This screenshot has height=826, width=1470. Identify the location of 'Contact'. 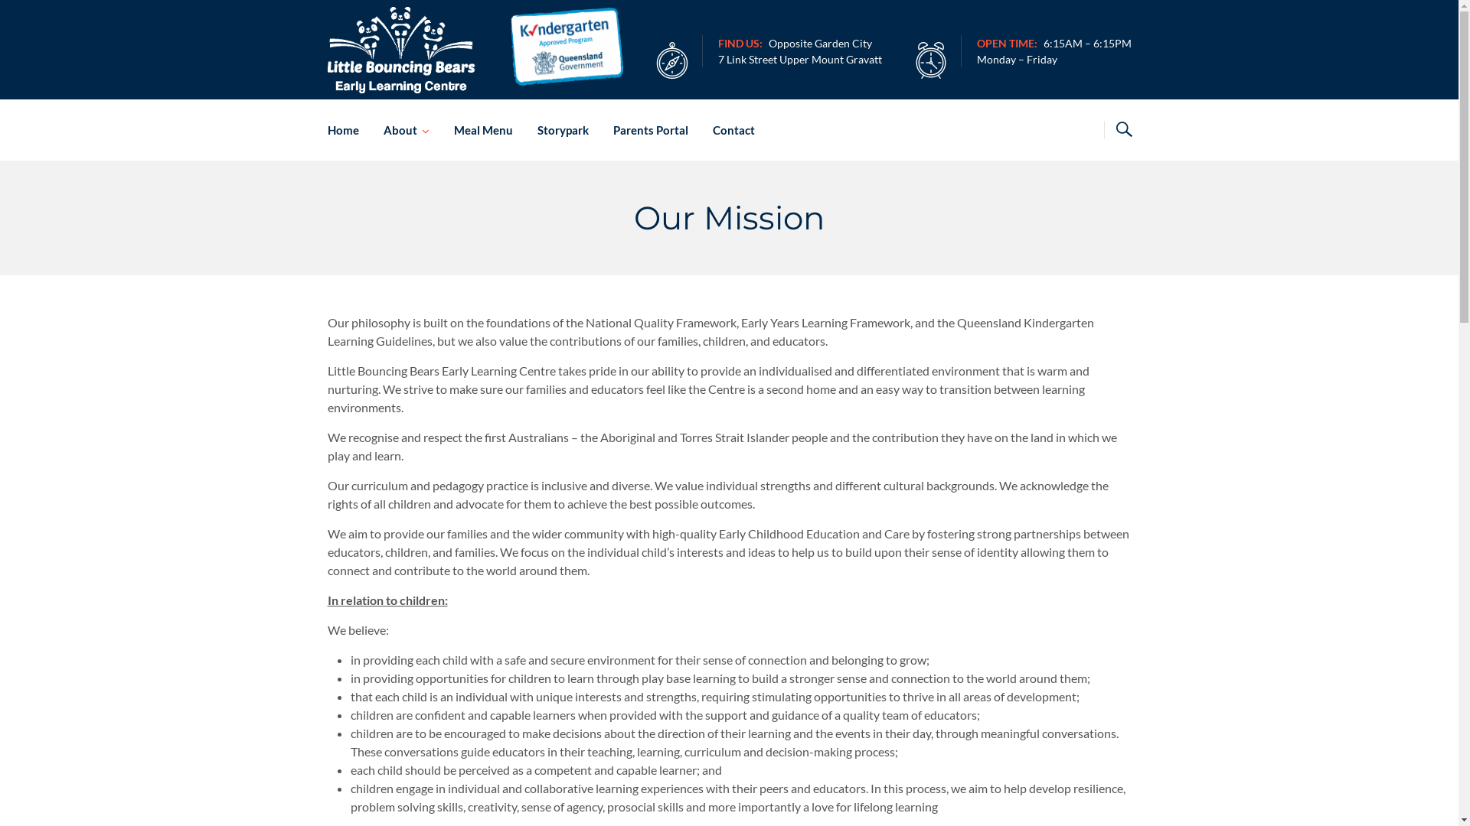
(726, 128).